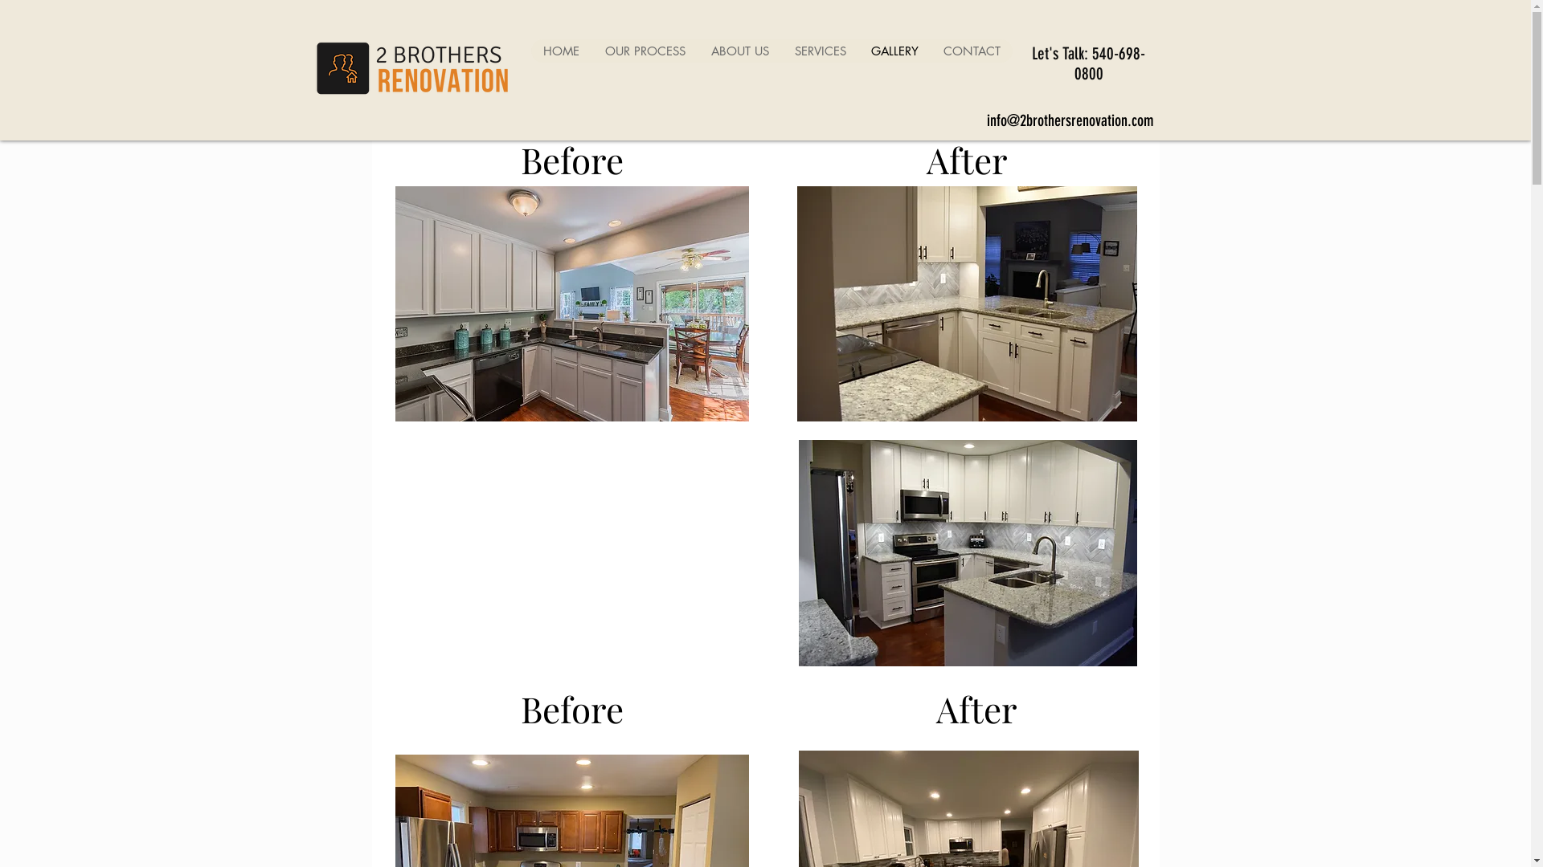 The width and height of the screenshot is (1543, 867). What do you see at coordinates (819, 50) in the screenshot?
I see `'SERVICES'` at bounding box center [819, 50].